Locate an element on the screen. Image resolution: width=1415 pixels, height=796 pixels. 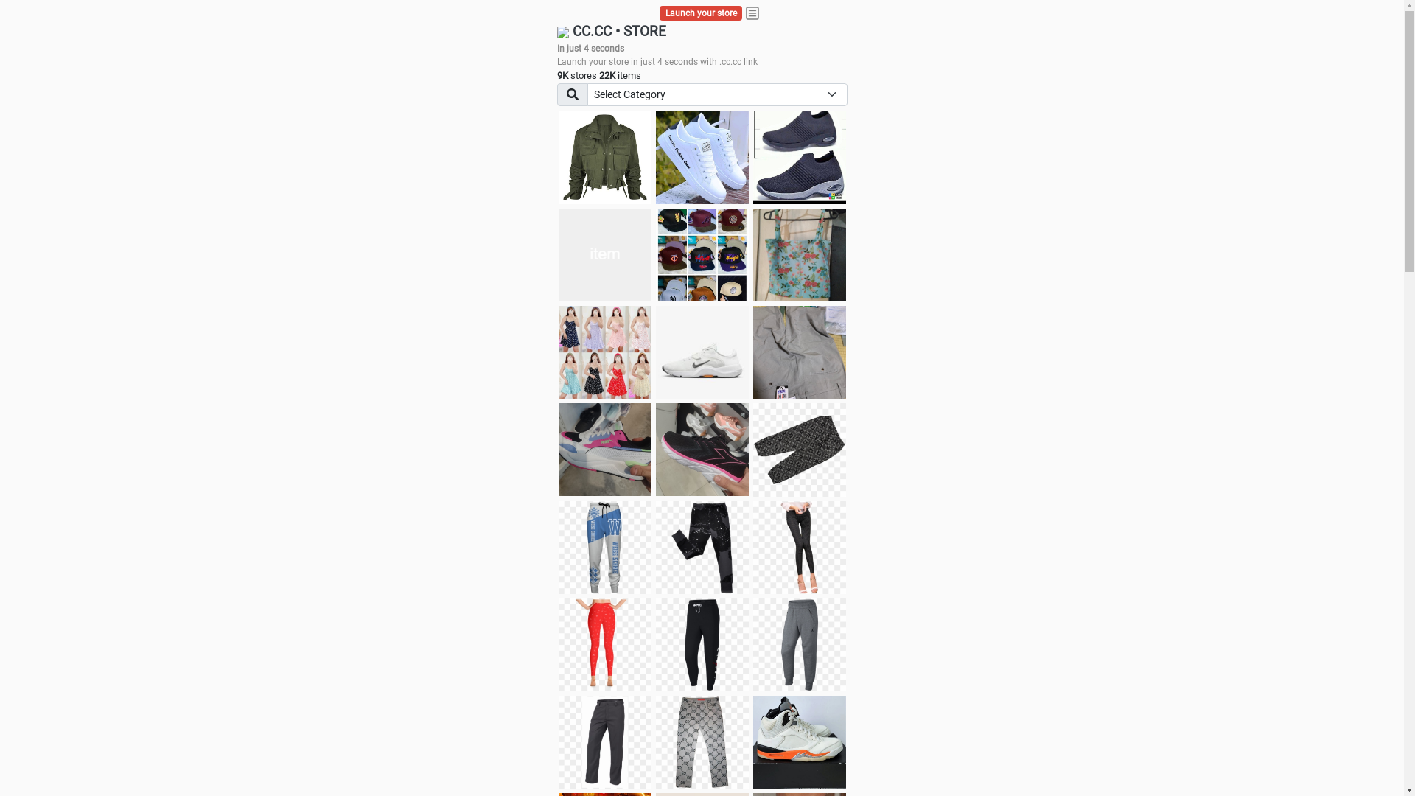
'Pant' is located at coordinates (702, 741).